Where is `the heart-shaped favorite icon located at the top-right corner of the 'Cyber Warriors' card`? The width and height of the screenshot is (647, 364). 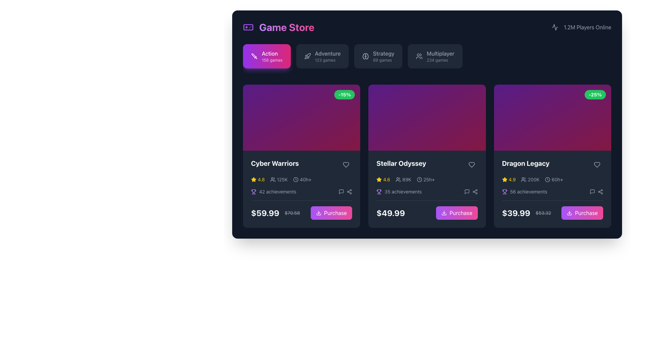
the heart-shaped favorite icon located at the top-right corner of the 'Cyber Warriors' card is located at coordinates (346, 164).